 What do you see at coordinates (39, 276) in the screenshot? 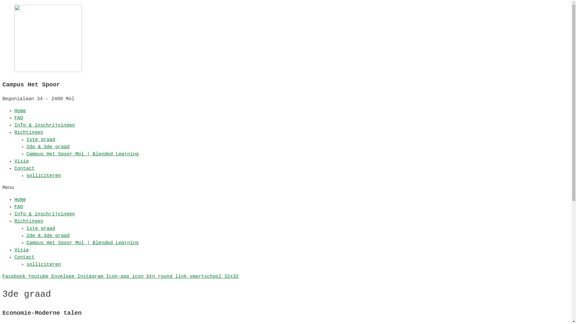
I see `'Youtube'` at bounding box center [39, 276].